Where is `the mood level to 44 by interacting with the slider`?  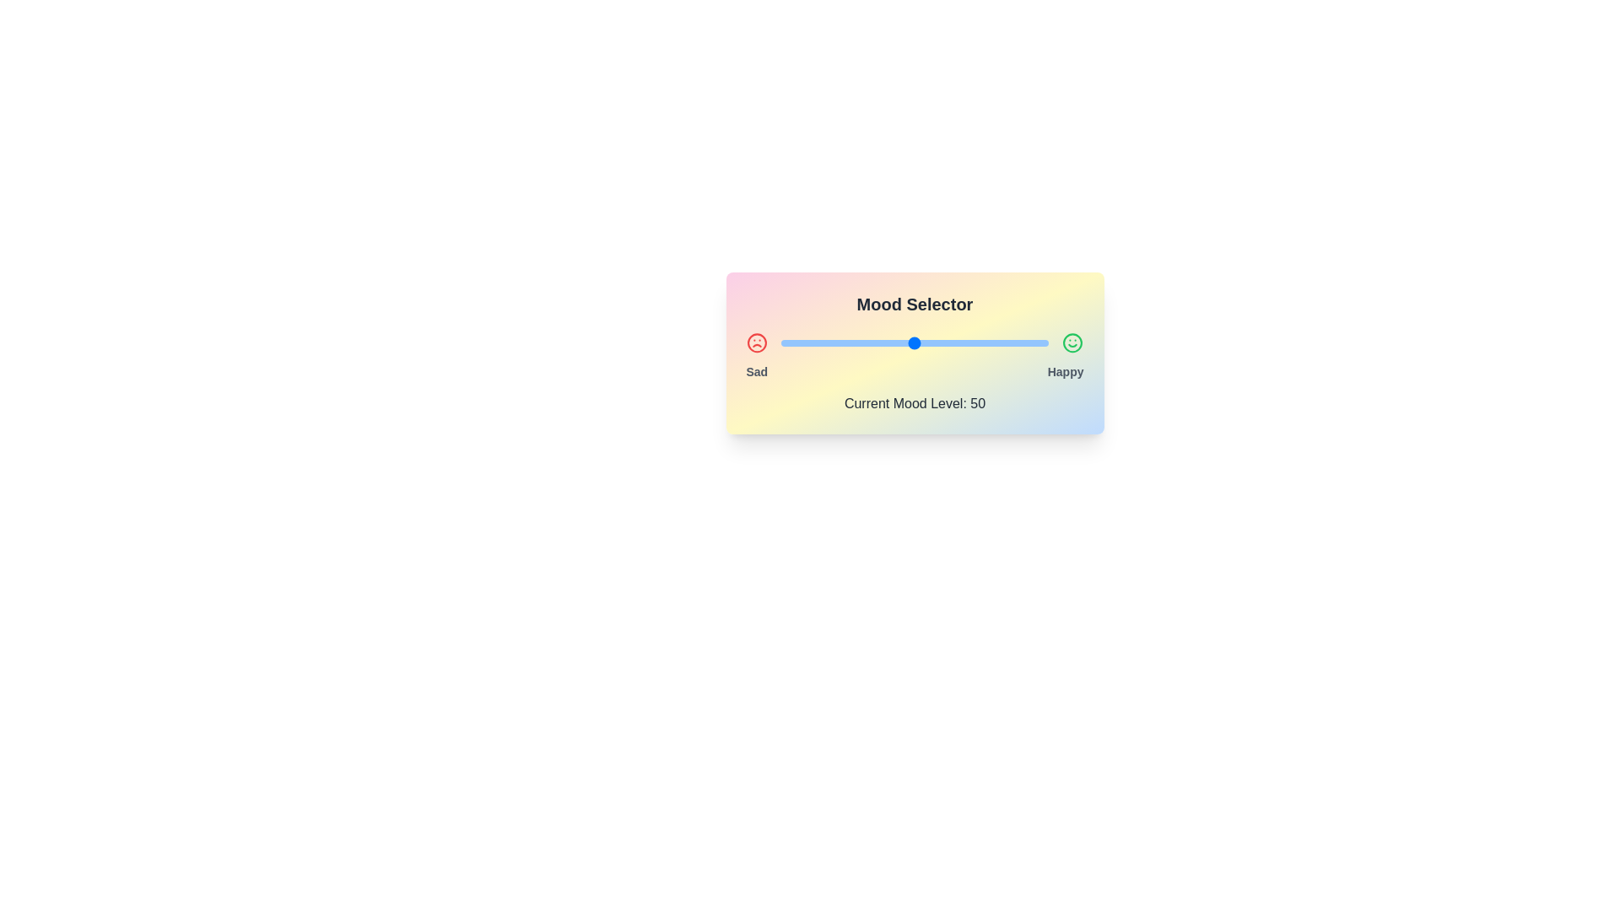
the mood level to 44 by interacting with the slider is located at coordinates (898, 342).